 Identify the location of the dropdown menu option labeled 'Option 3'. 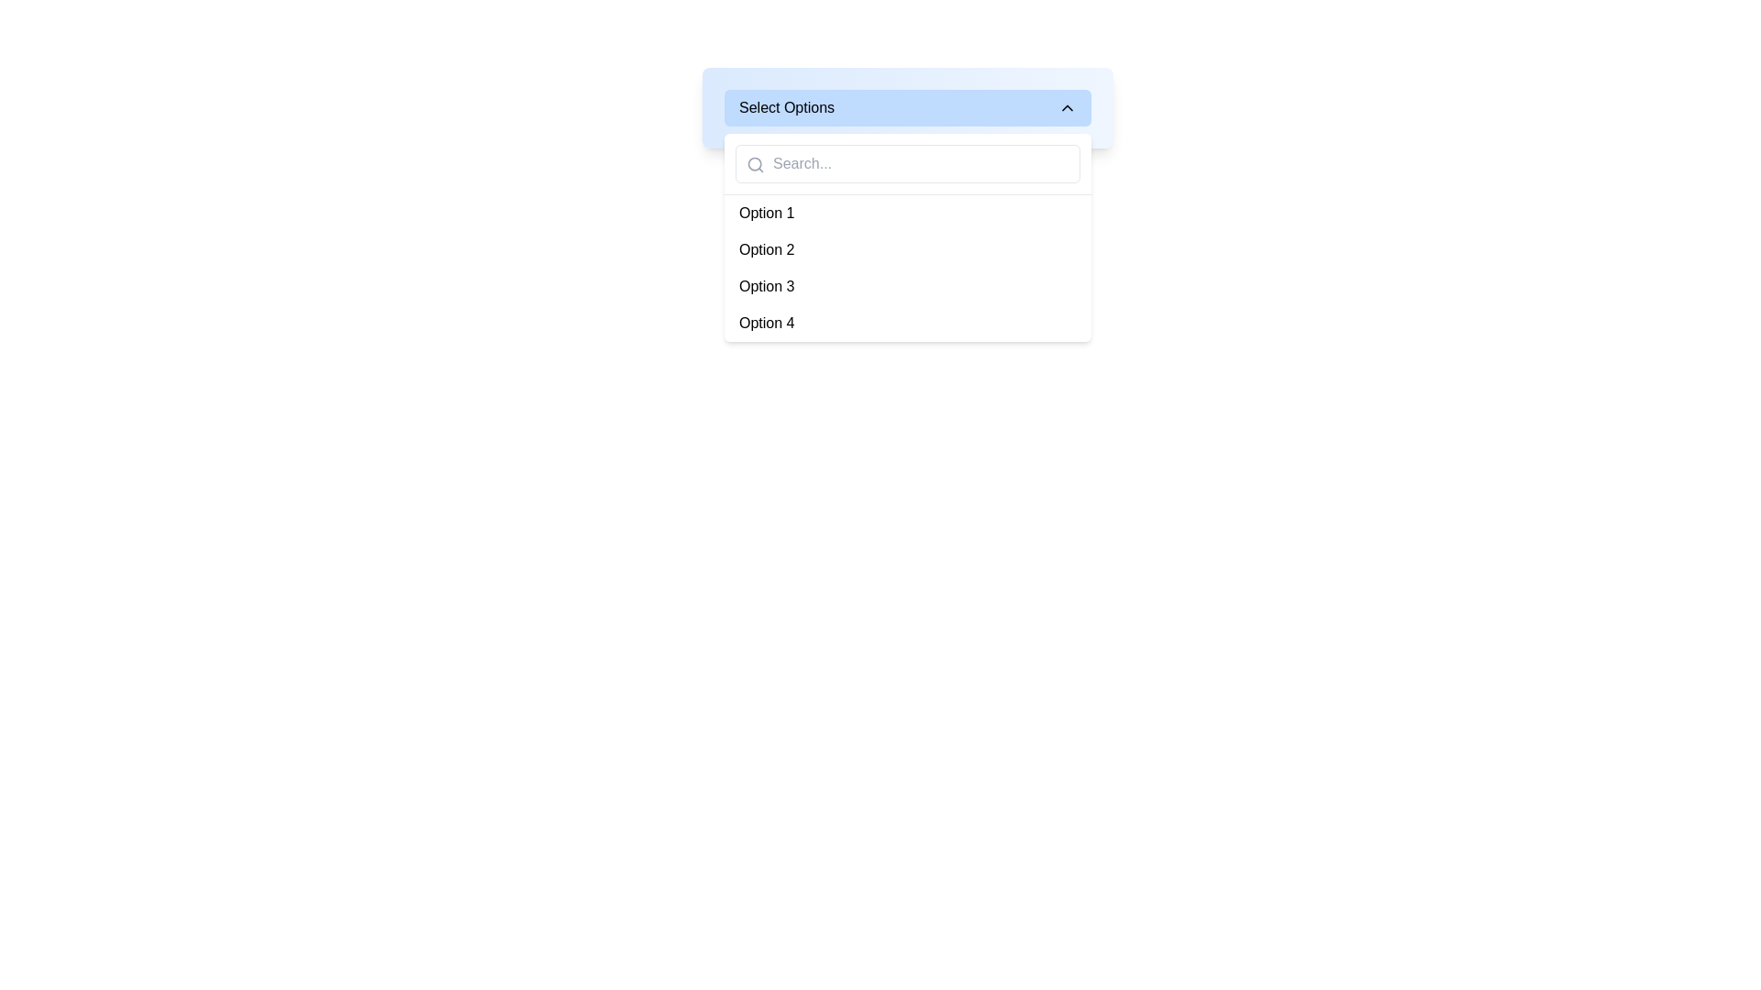
(767, 286).